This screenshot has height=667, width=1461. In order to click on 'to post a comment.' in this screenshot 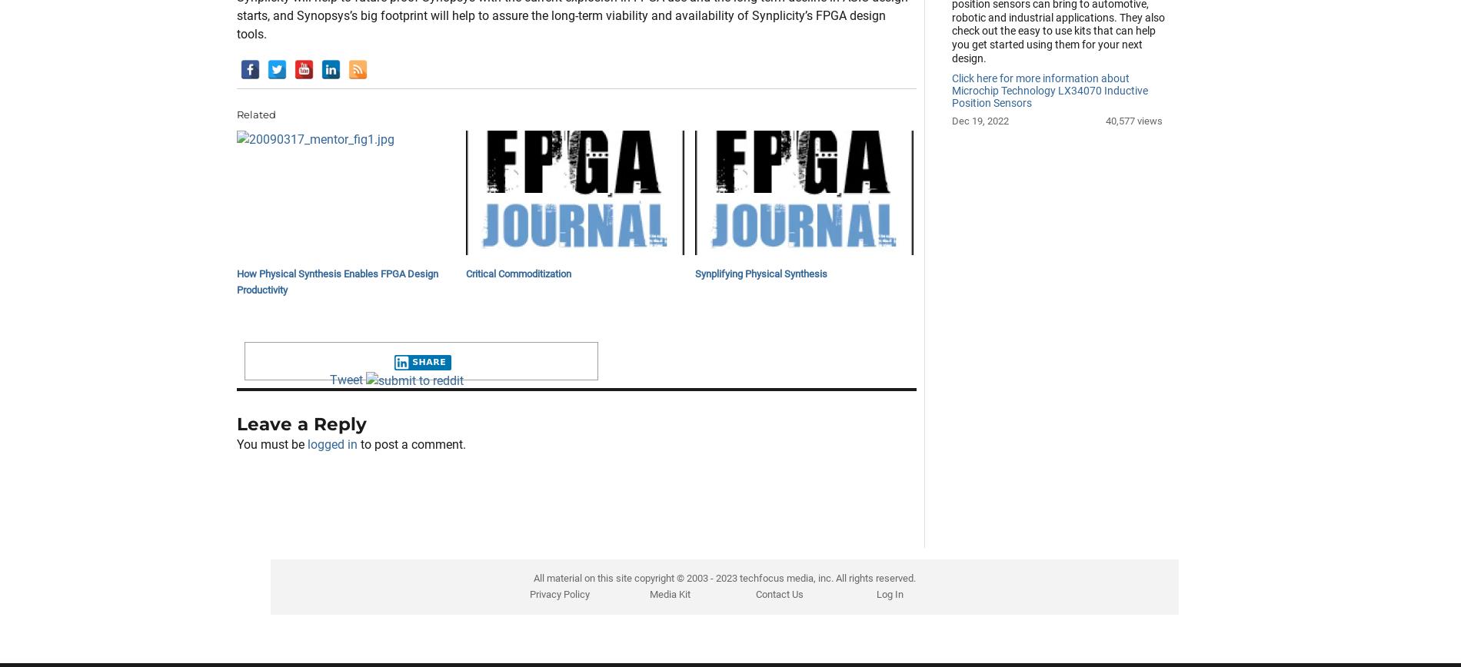, I will do `click(355, 521)`.